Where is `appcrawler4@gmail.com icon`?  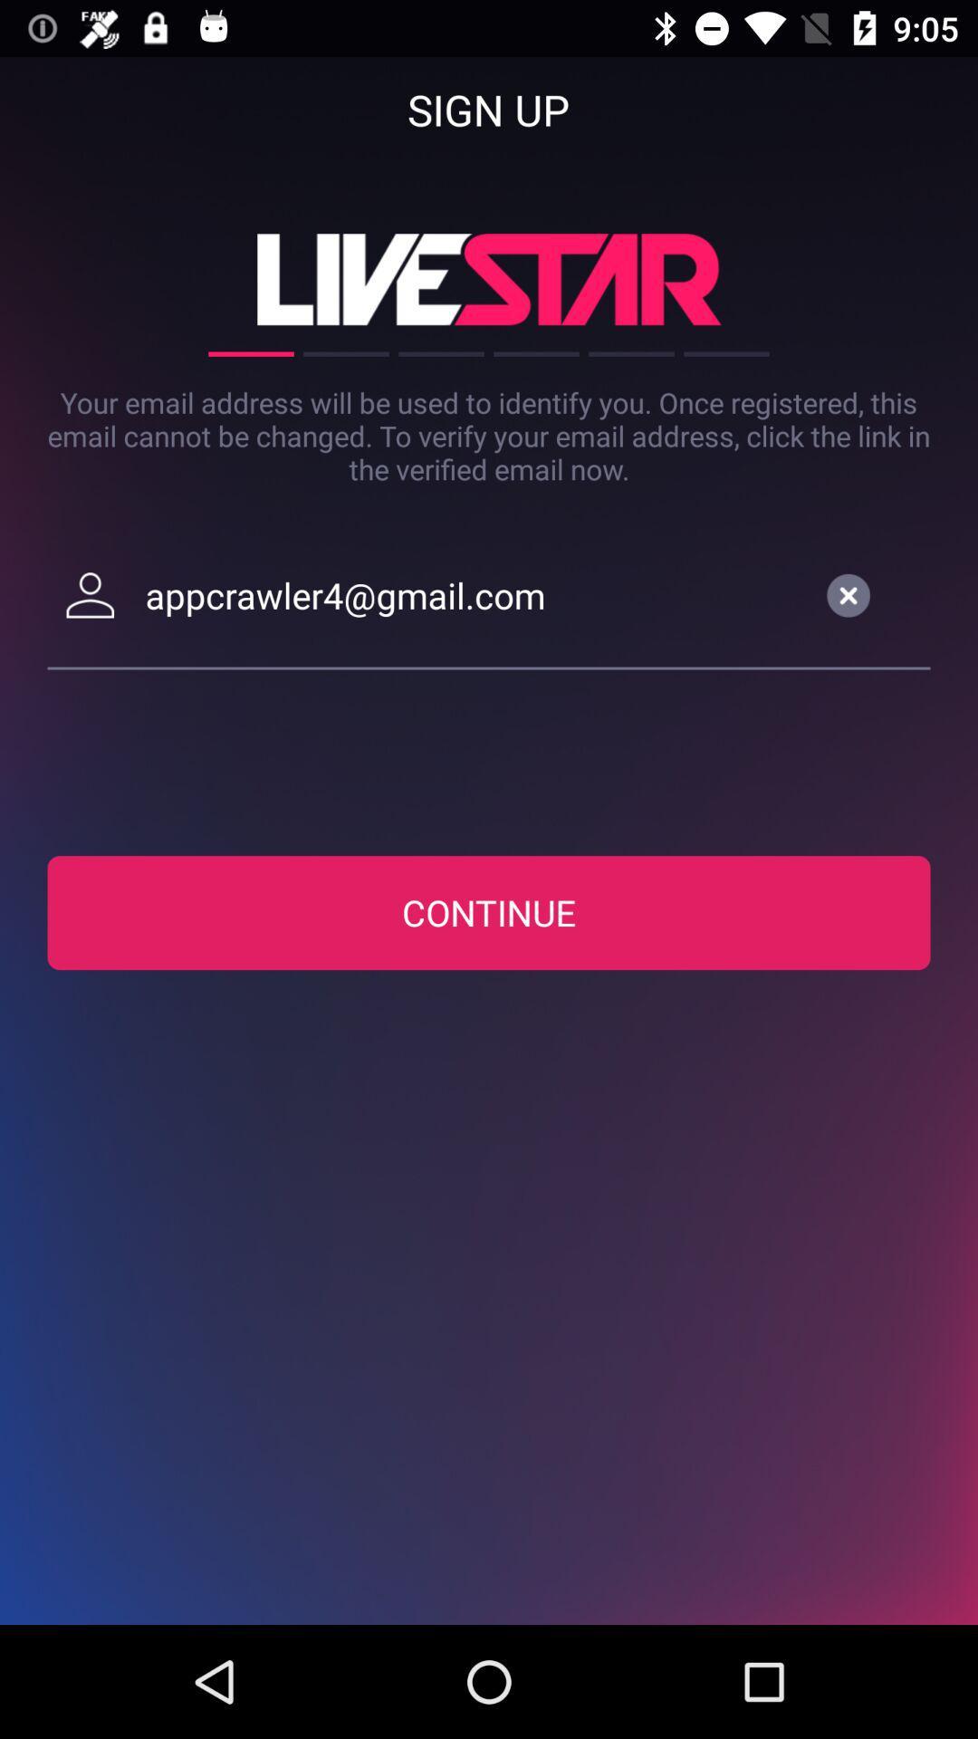
appcrawler4@gmail.com icon is located at coordinates (473, 595).